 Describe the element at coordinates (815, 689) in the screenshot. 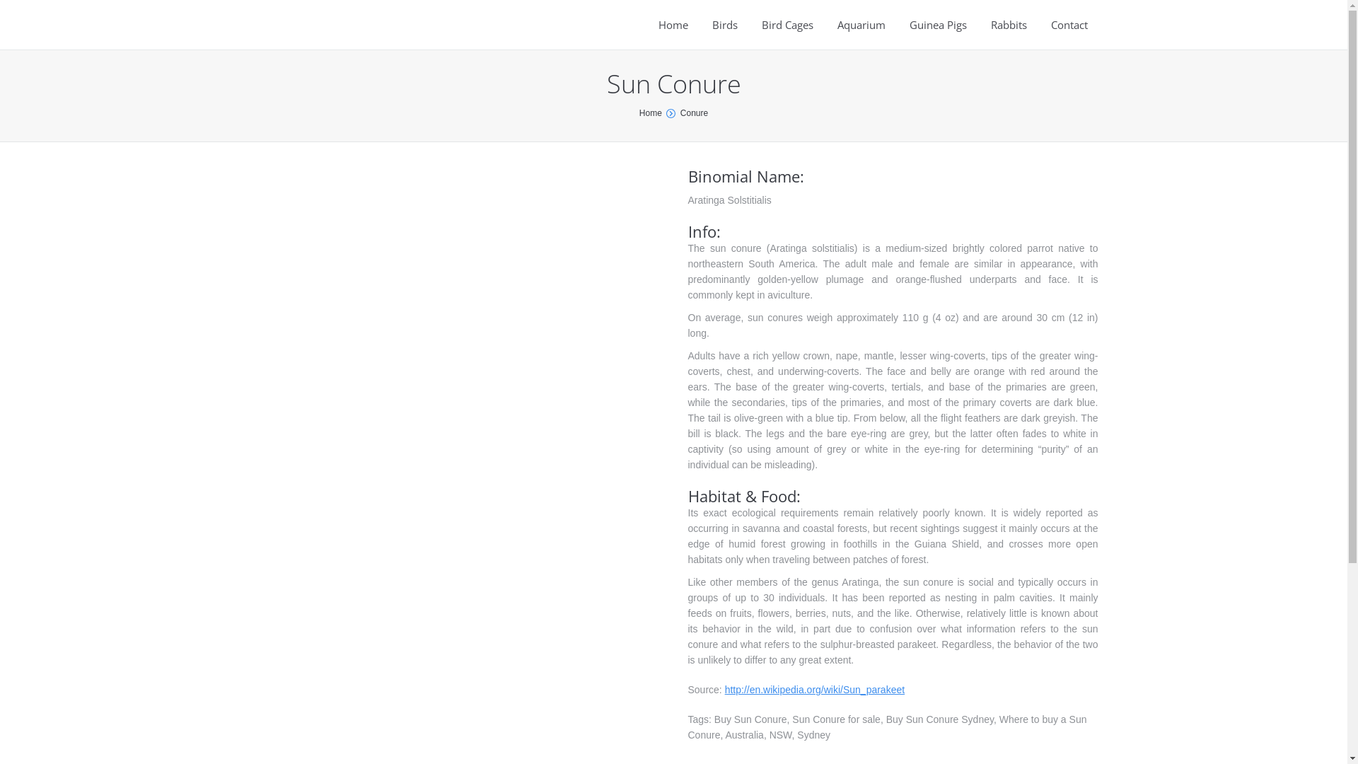

I see `'http://en.wikipedia.org/wiki/Sun_parakeet'` at that location.